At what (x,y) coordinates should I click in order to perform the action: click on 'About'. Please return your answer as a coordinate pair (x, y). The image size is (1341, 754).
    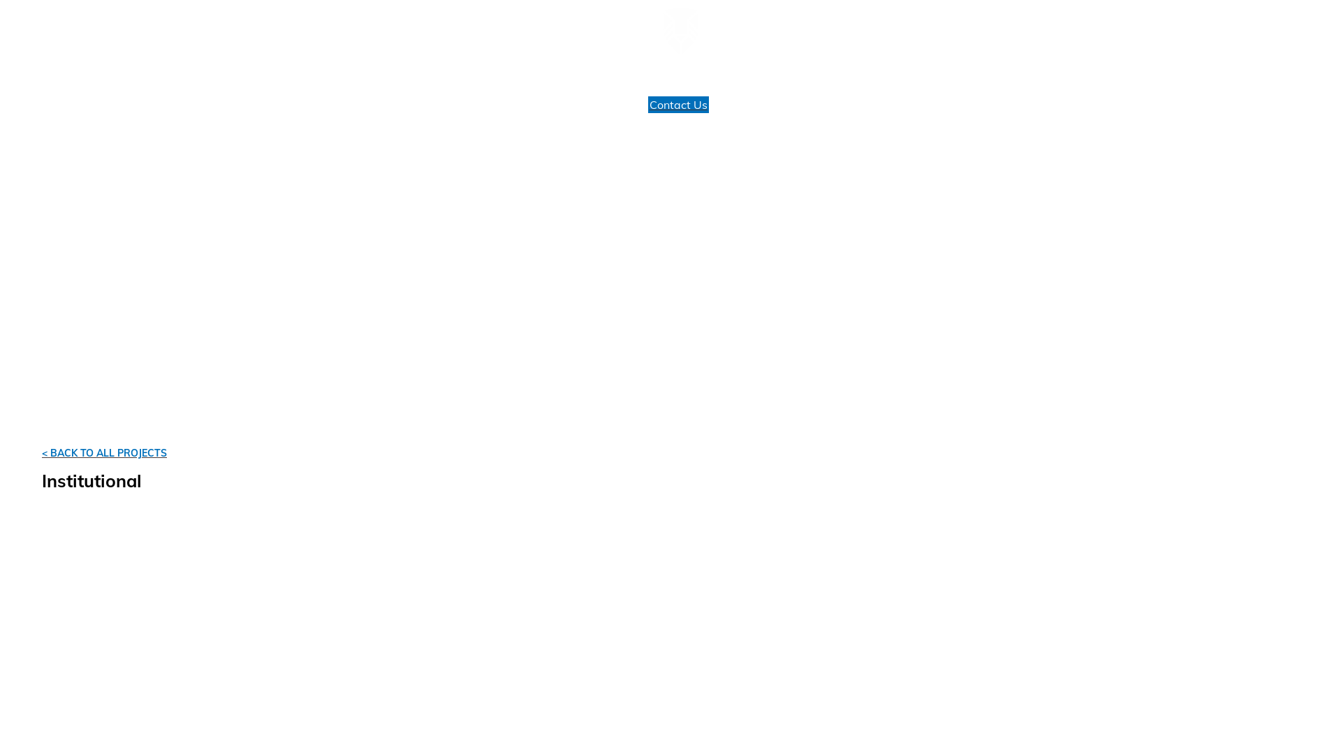
    Looking at the image, I should click on (157, 81).